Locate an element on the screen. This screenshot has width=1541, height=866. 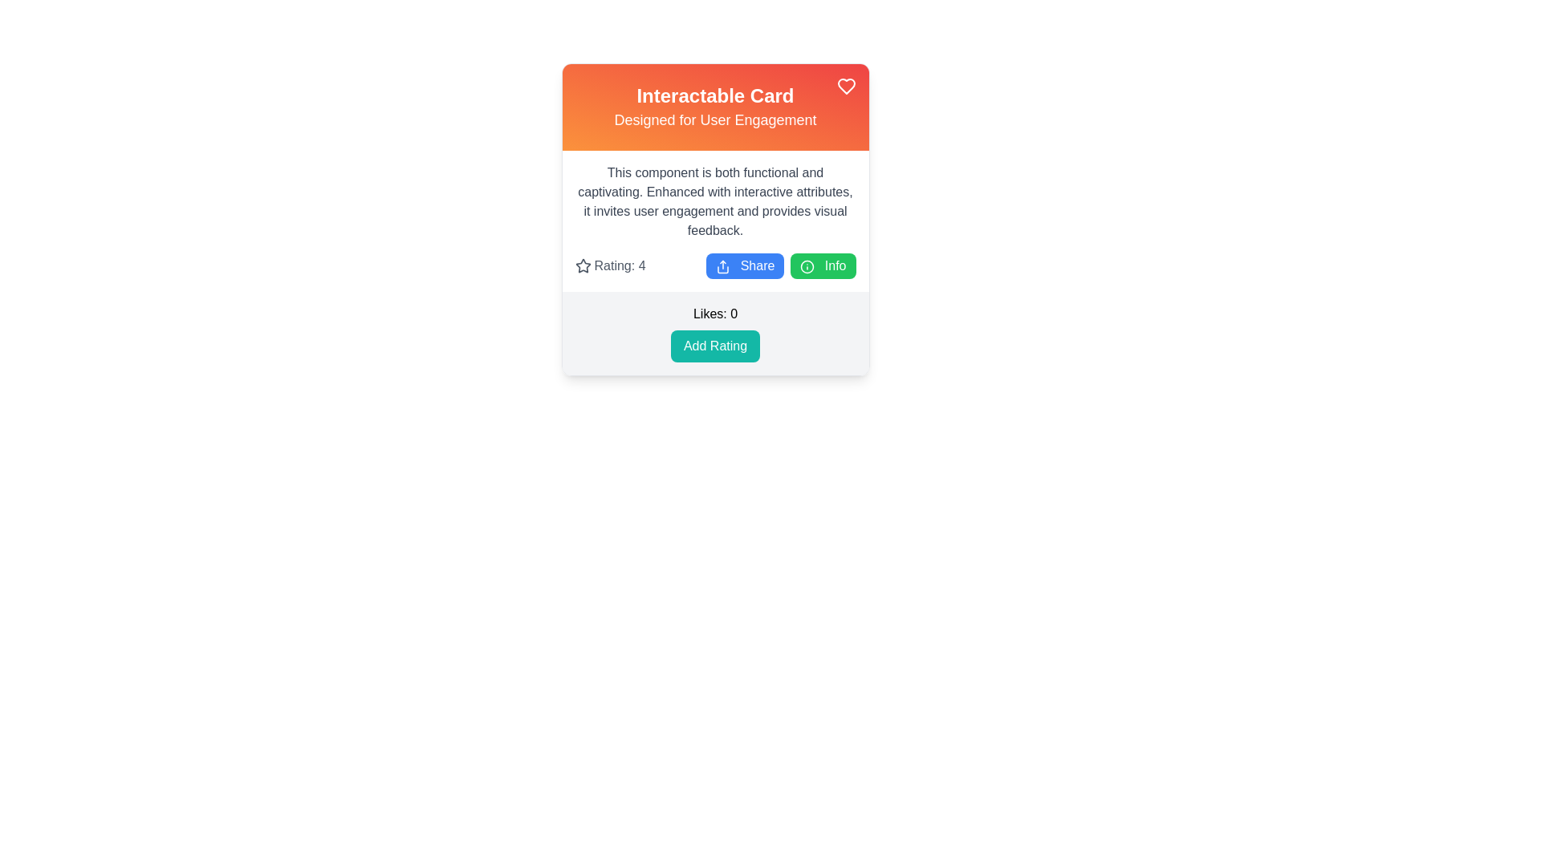
the subtitle text element located directly below the title text 'Interactable Card' within the top section of the card layout is located at coordinates (714, 119).